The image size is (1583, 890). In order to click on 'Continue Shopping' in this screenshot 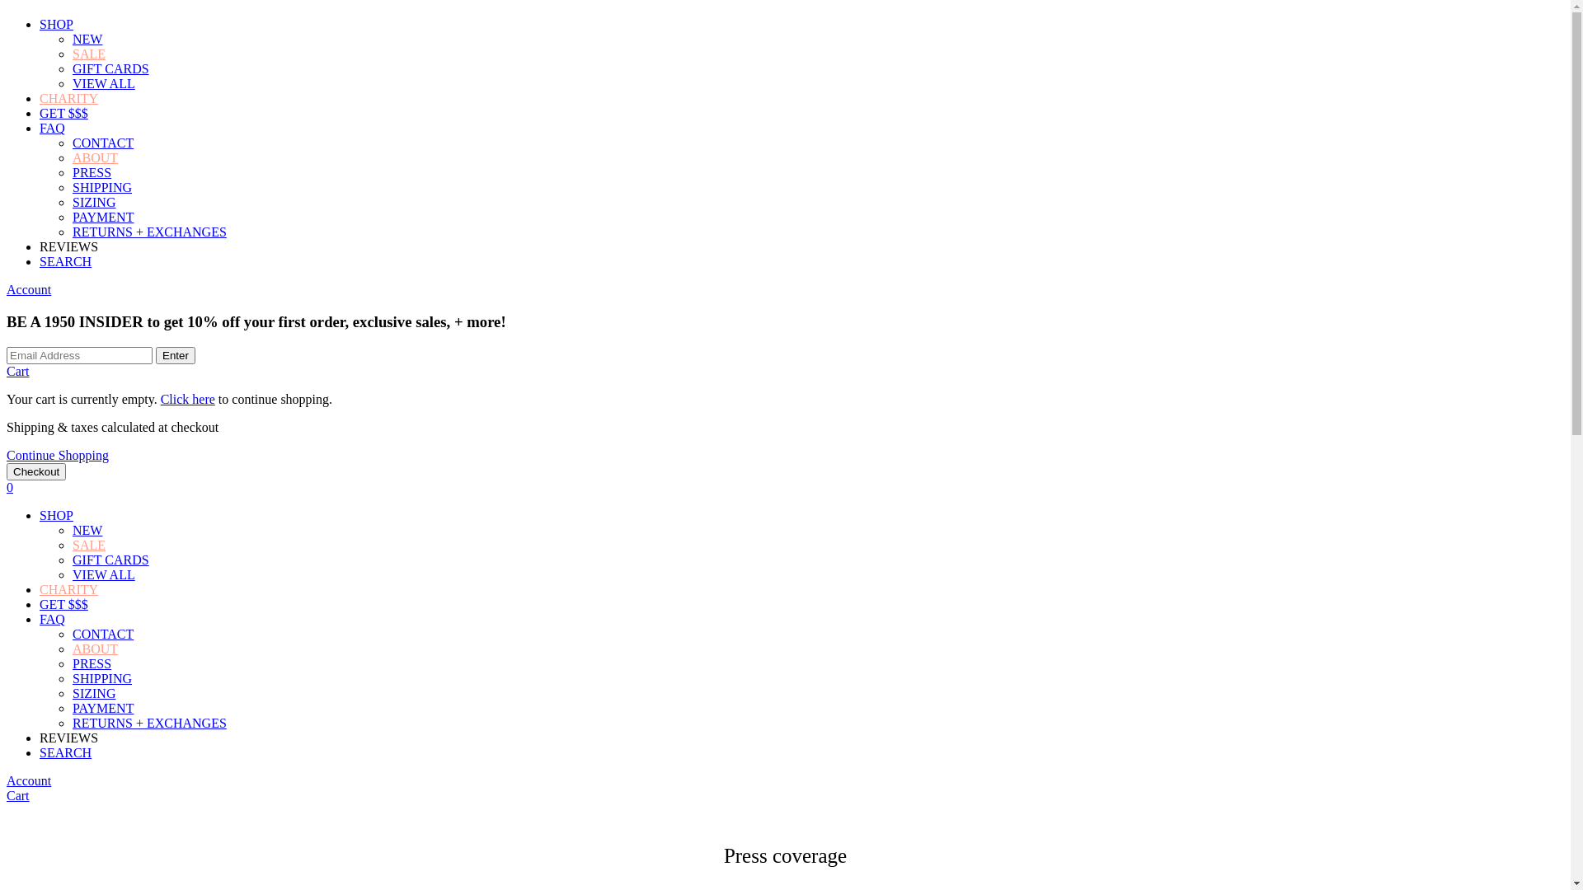, I will do `click(7, 455)`.